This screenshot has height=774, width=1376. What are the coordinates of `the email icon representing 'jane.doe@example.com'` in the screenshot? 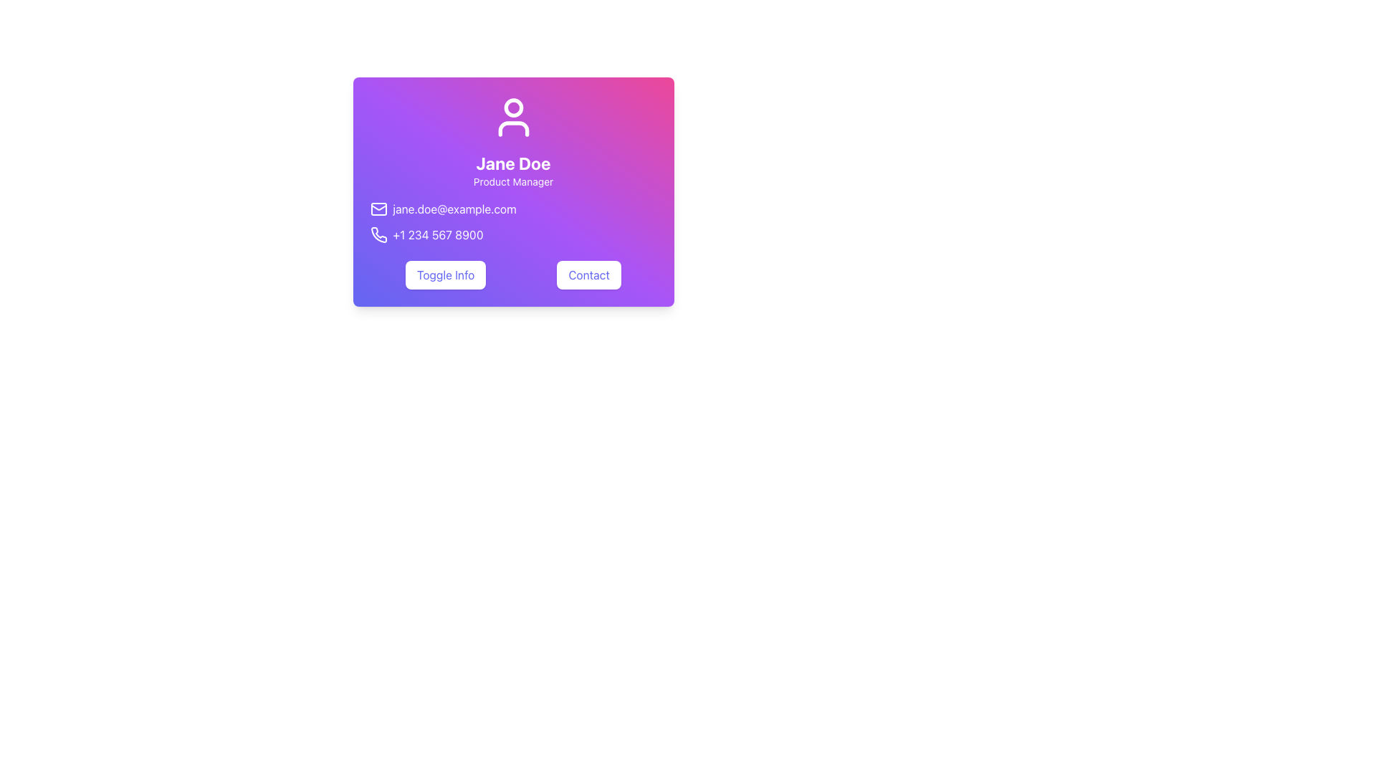 It's located at (378, 209).